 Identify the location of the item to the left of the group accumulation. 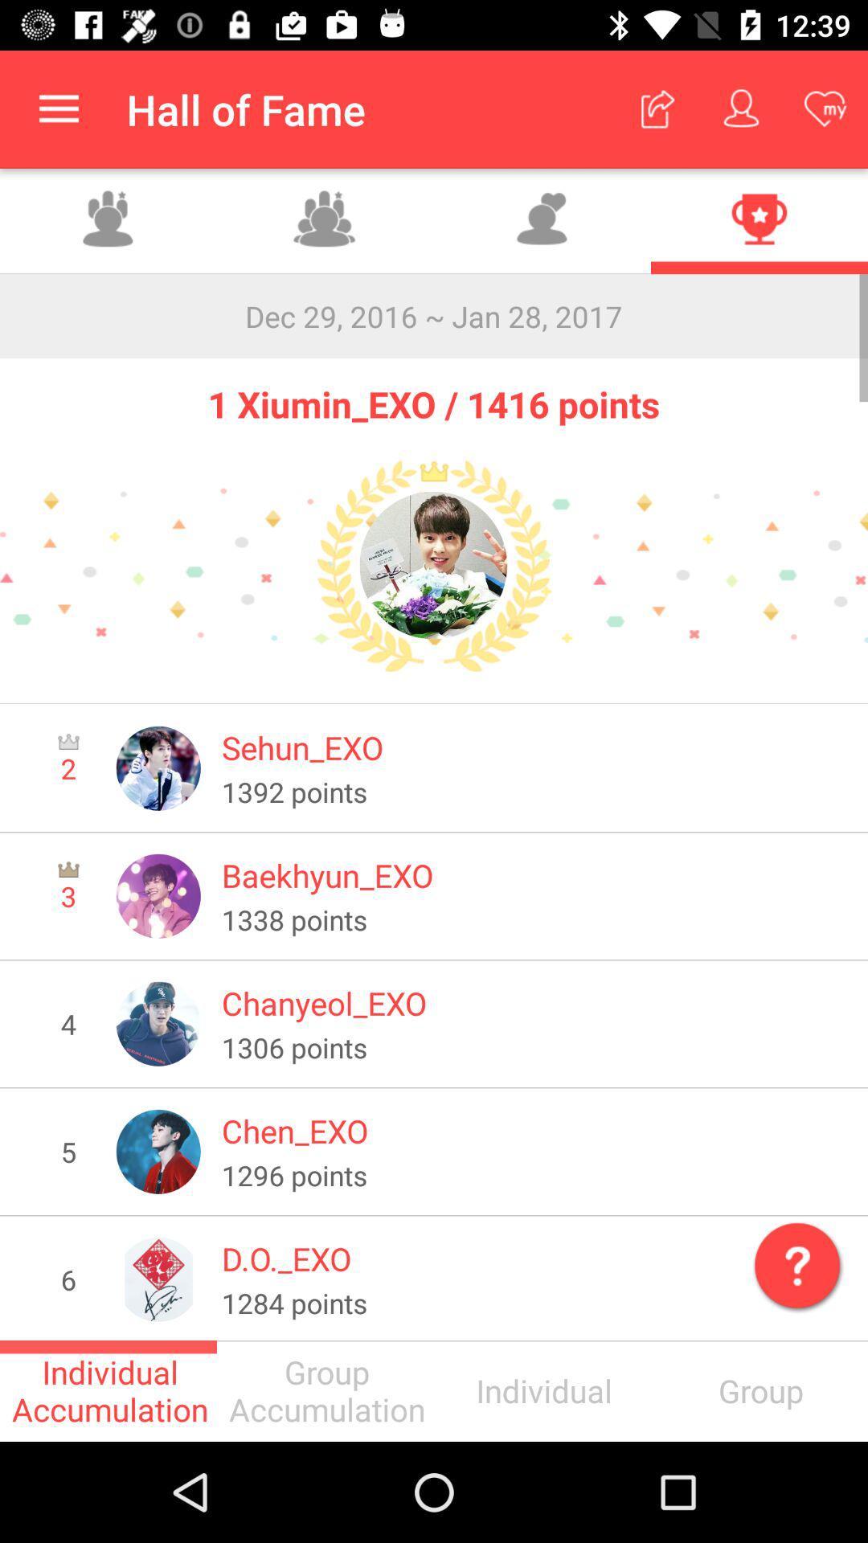
(108, 1390).